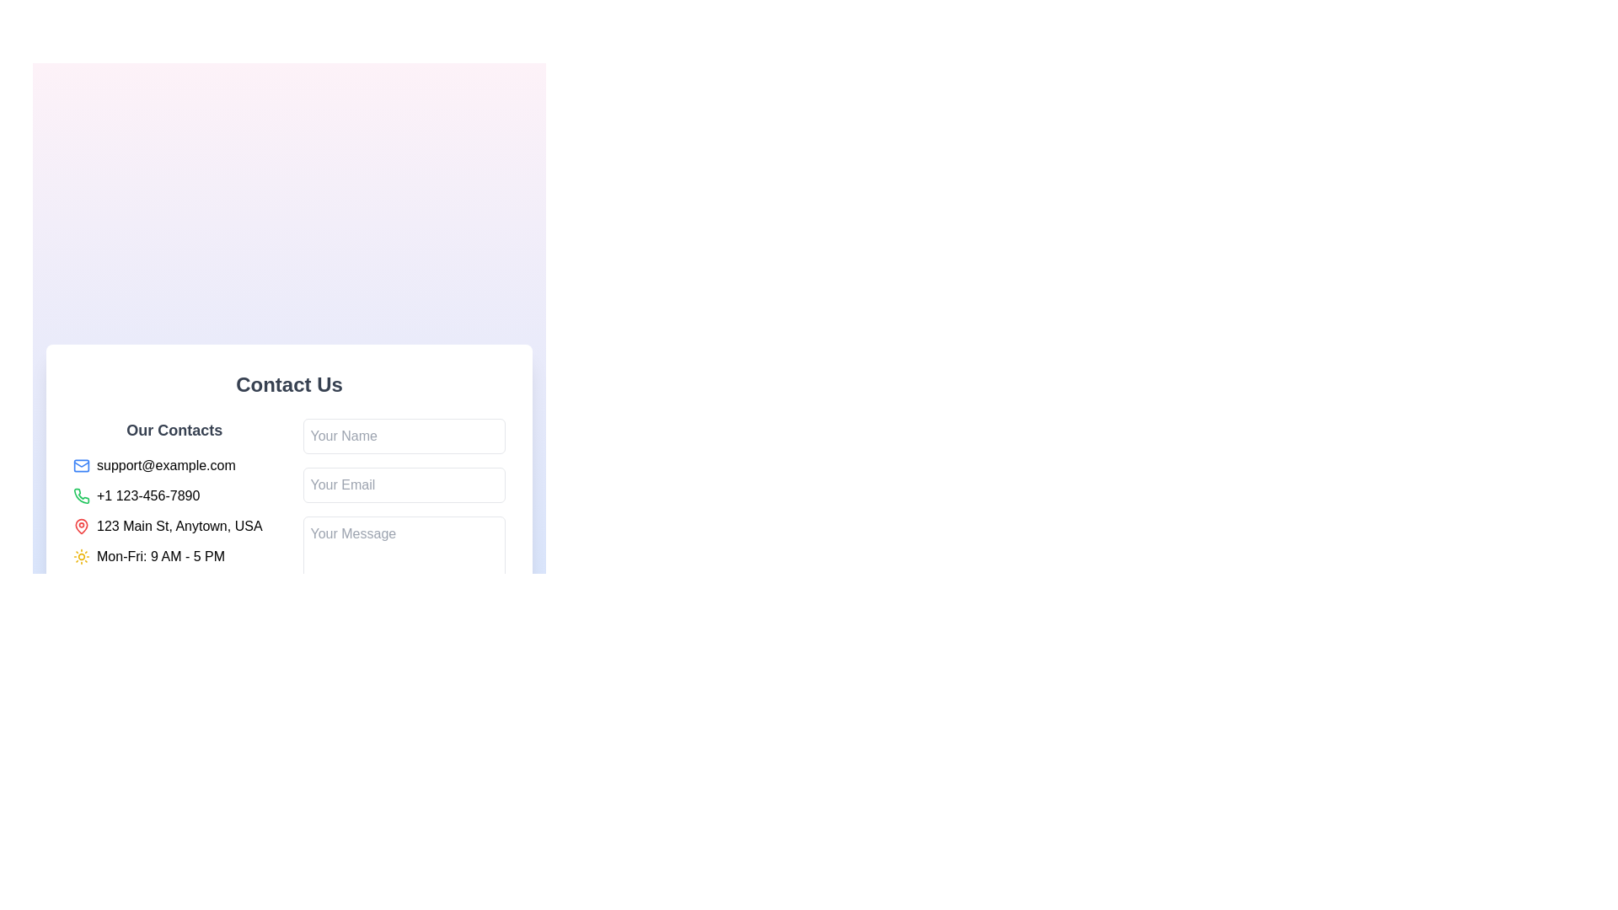 Image resolution: width=1618 pixels, height=910 pixels. Describe the element at coordinates (80, 525) in the screenshot. I see `the red map pin icon located next to the address text '123 Main St, Anytown, USA' as a static visual cue` at that location.